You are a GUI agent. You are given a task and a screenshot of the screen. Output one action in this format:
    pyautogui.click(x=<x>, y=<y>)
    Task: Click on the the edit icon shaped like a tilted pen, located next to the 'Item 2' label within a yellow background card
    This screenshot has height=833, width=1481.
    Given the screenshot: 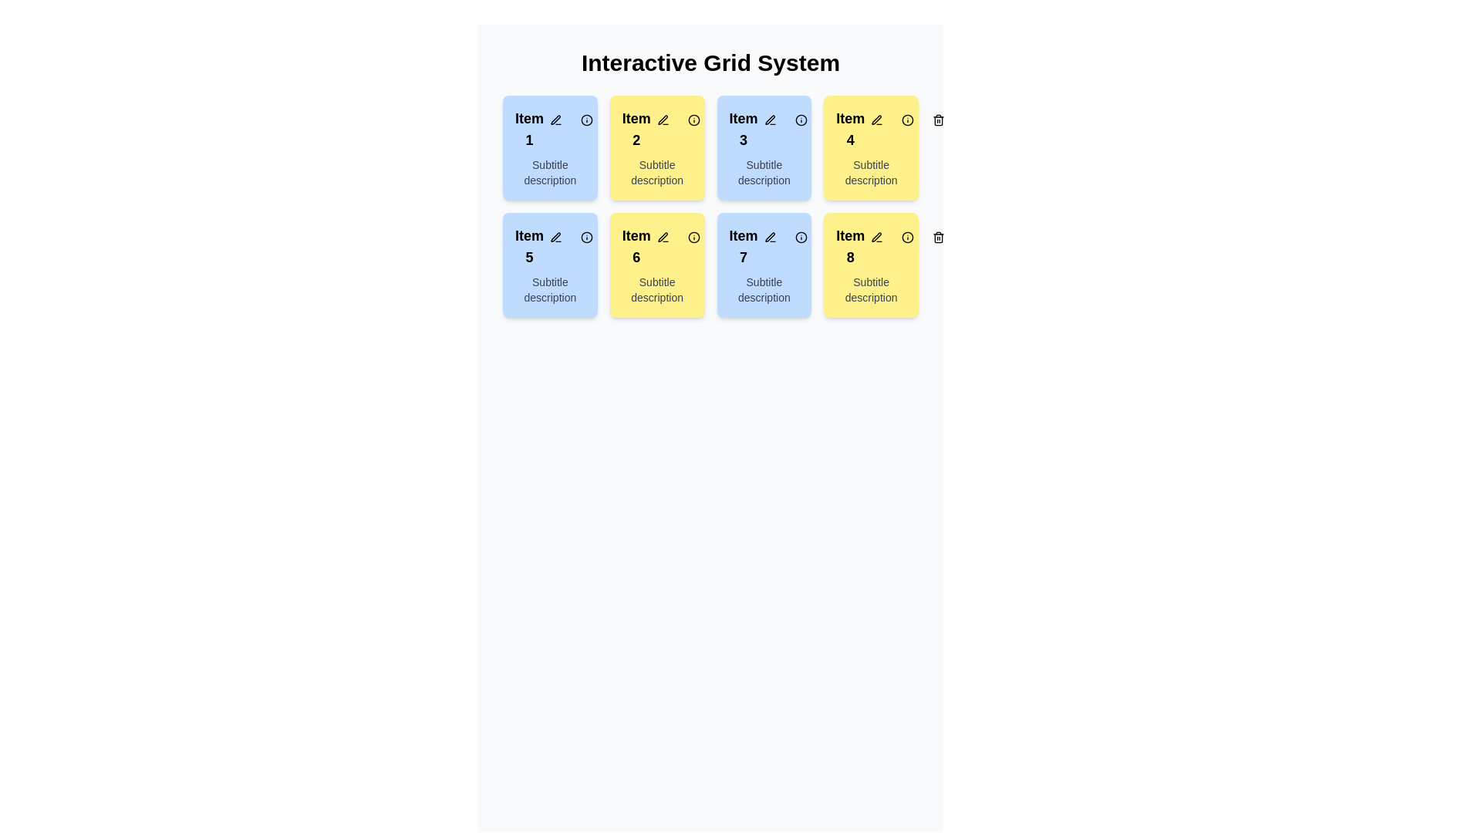 What is the action you would take?
    pyautogui.click(x=663, y=119)
    